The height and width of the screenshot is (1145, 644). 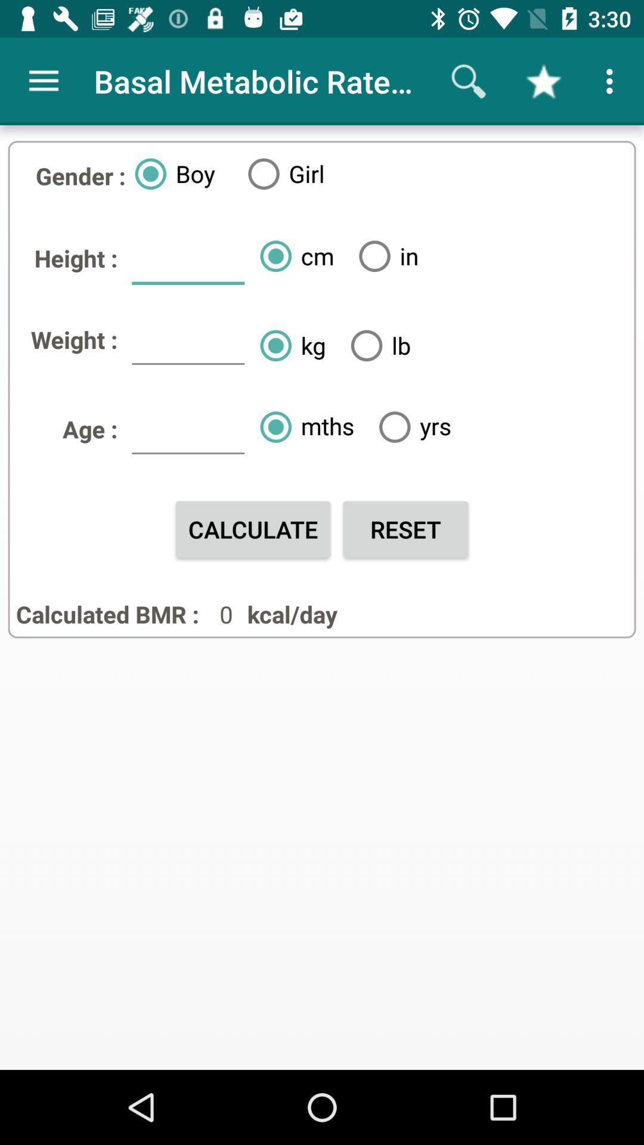 What do you see at coordinates (410, 427) in the screenshot?
I see `the icon above the reset item` at bounding box center [410, 427].